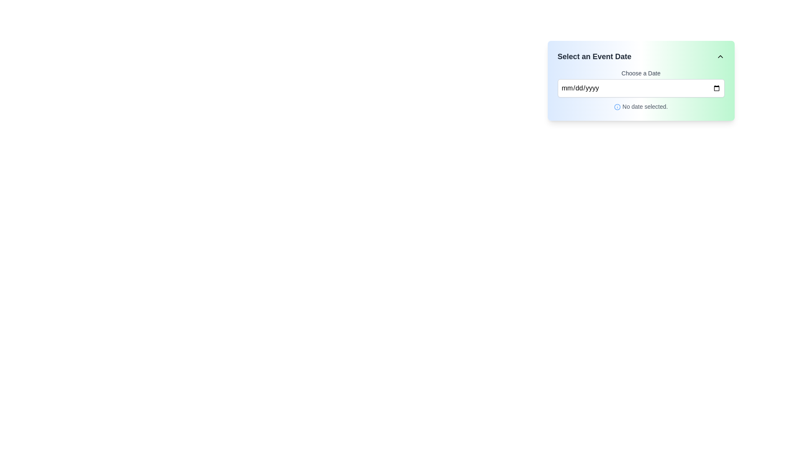 The image size is (801, 450). What do you see at coordinates (617, 107) in the screenshot?
I see `the informational marker icon located to the left of the 'No date selected.' message` at bounding box center [617, 107].